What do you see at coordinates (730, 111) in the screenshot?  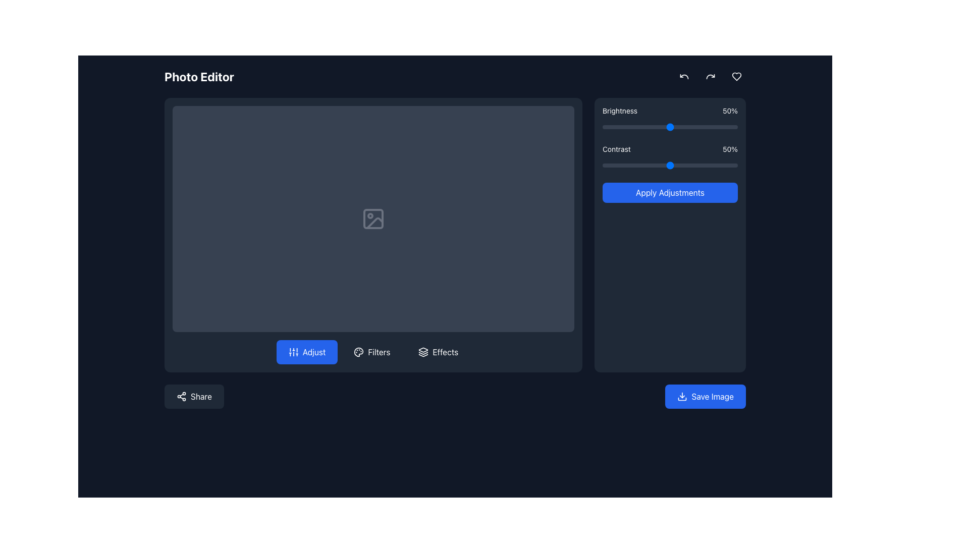 I see `the '50%' text label, which is styled in a sans-serif font and located in the top-right corner of the 'Brightness' section` at bounding box center [730, 111].